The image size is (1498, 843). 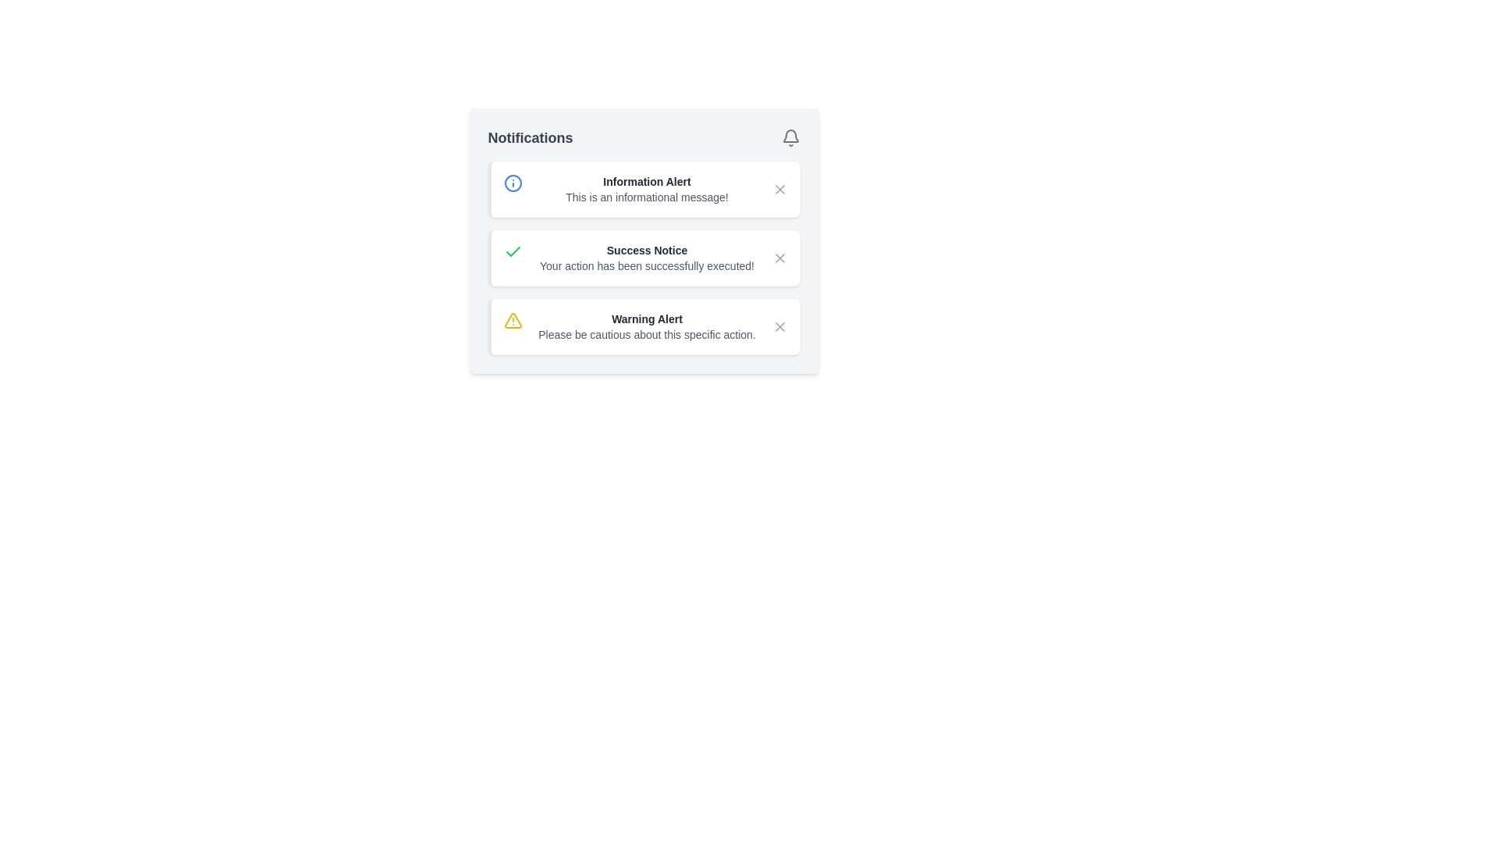 I want to click on the notification card titled 'Information Alert' by clicking on the text label located at the top of the card, which is above the description text 'This is an informational message!', so click(x=647, y=180).